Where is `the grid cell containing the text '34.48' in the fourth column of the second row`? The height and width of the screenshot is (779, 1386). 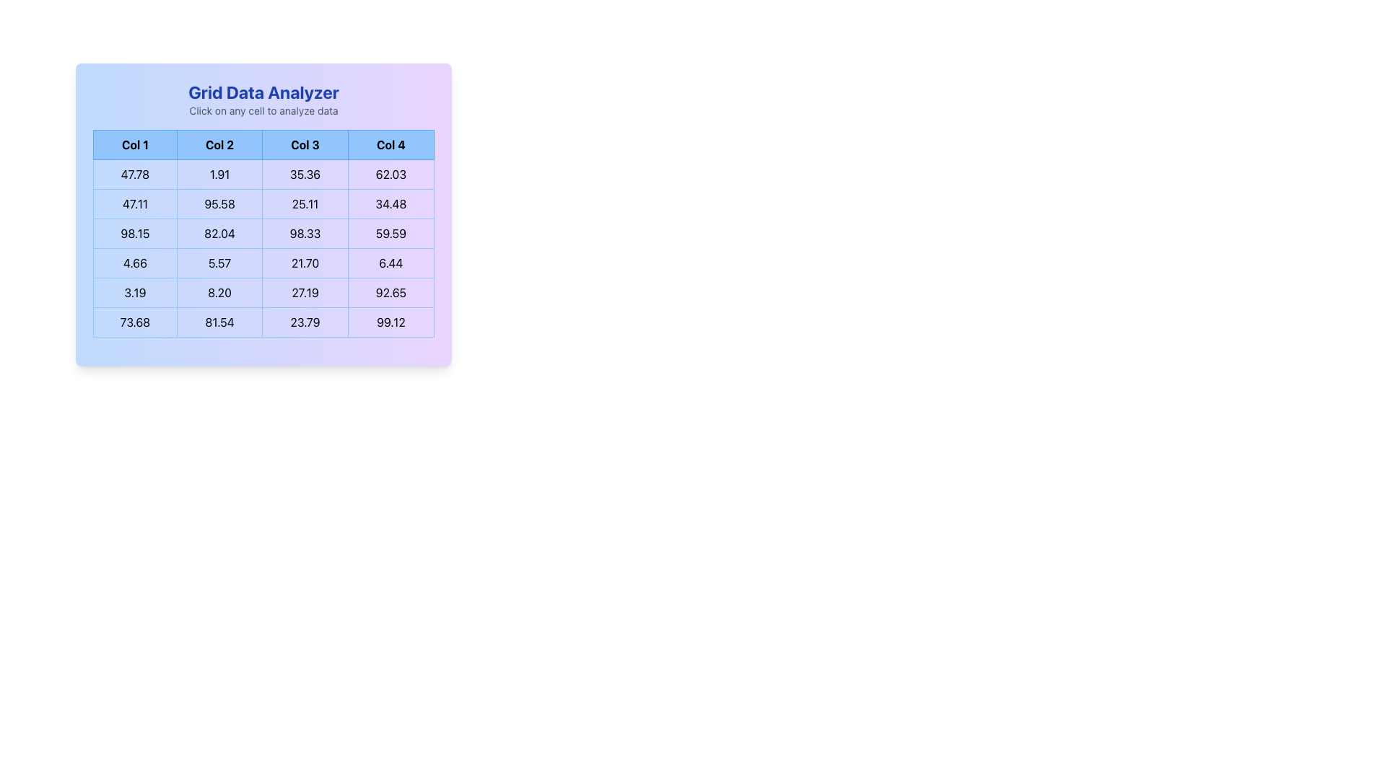
the grid cell containing the text '34.48' in the fourth column of the second row is located at coordinates (391, 203).